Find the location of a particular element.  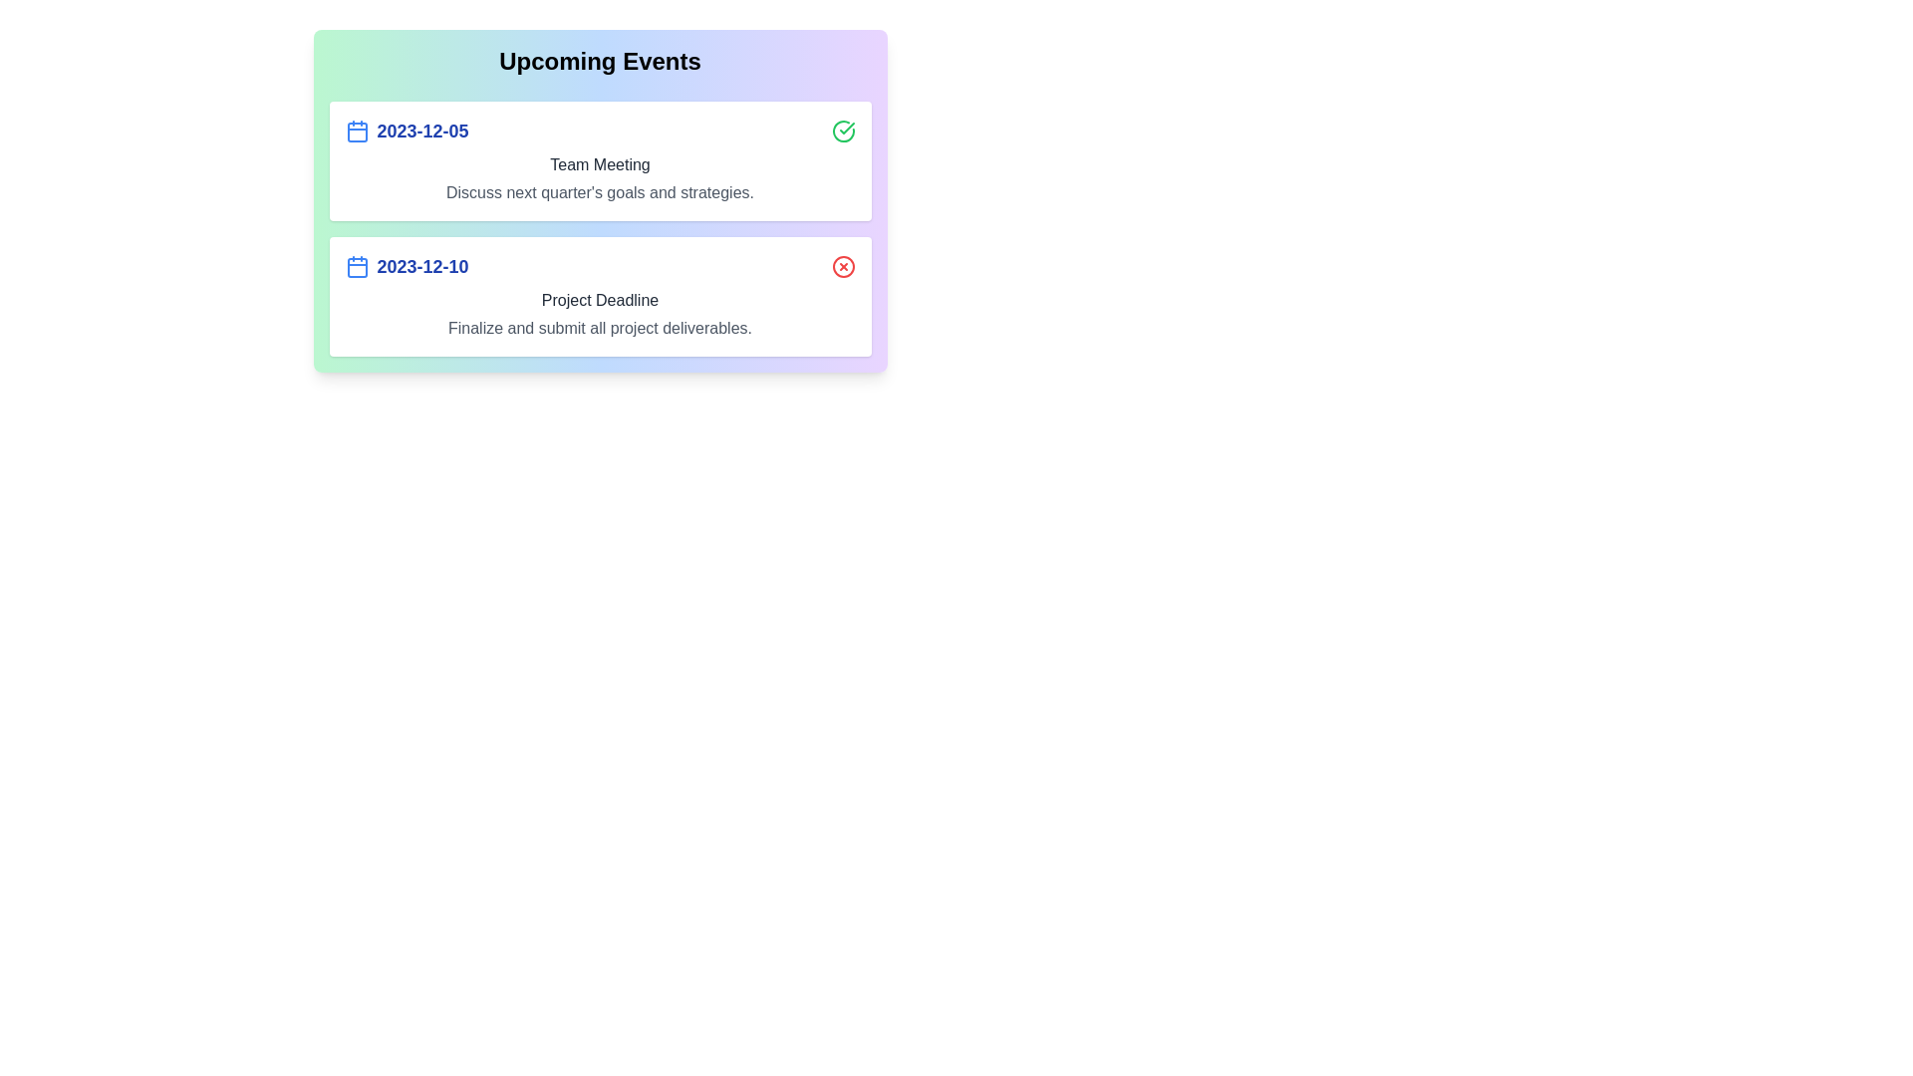

the event with the date 2023-12-10 to view its details is located at coordinates (599, 296).